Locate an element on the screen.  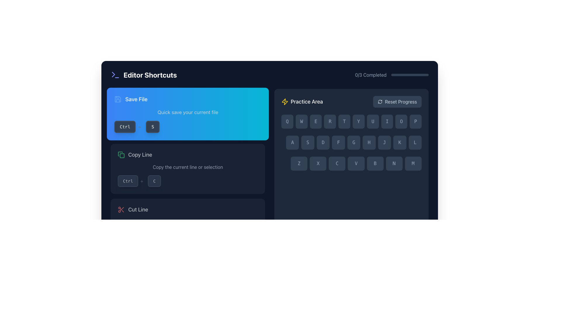
the 'Cut' button, which is the third option in the list of shortcuts on the left-hand section of the layout, positioned directly below the 'Copy Line' option is located at coordinates (188, 223).